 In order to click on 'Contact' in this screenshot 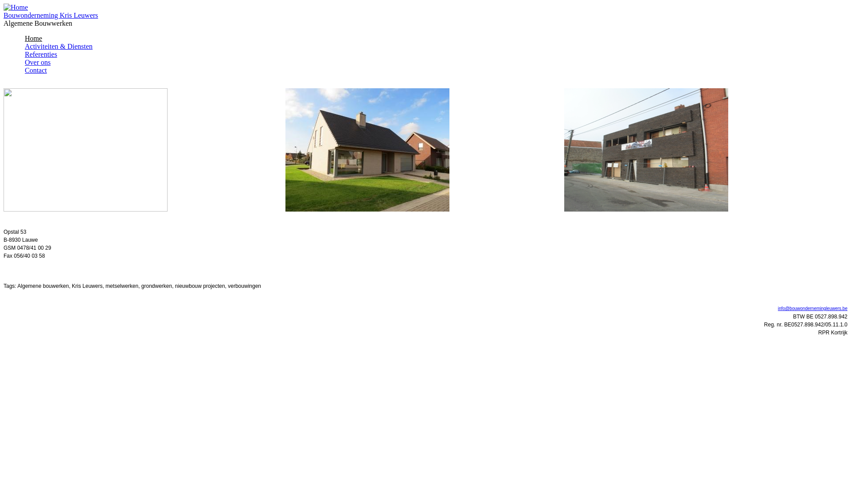, I will do `click(35, 70)`.